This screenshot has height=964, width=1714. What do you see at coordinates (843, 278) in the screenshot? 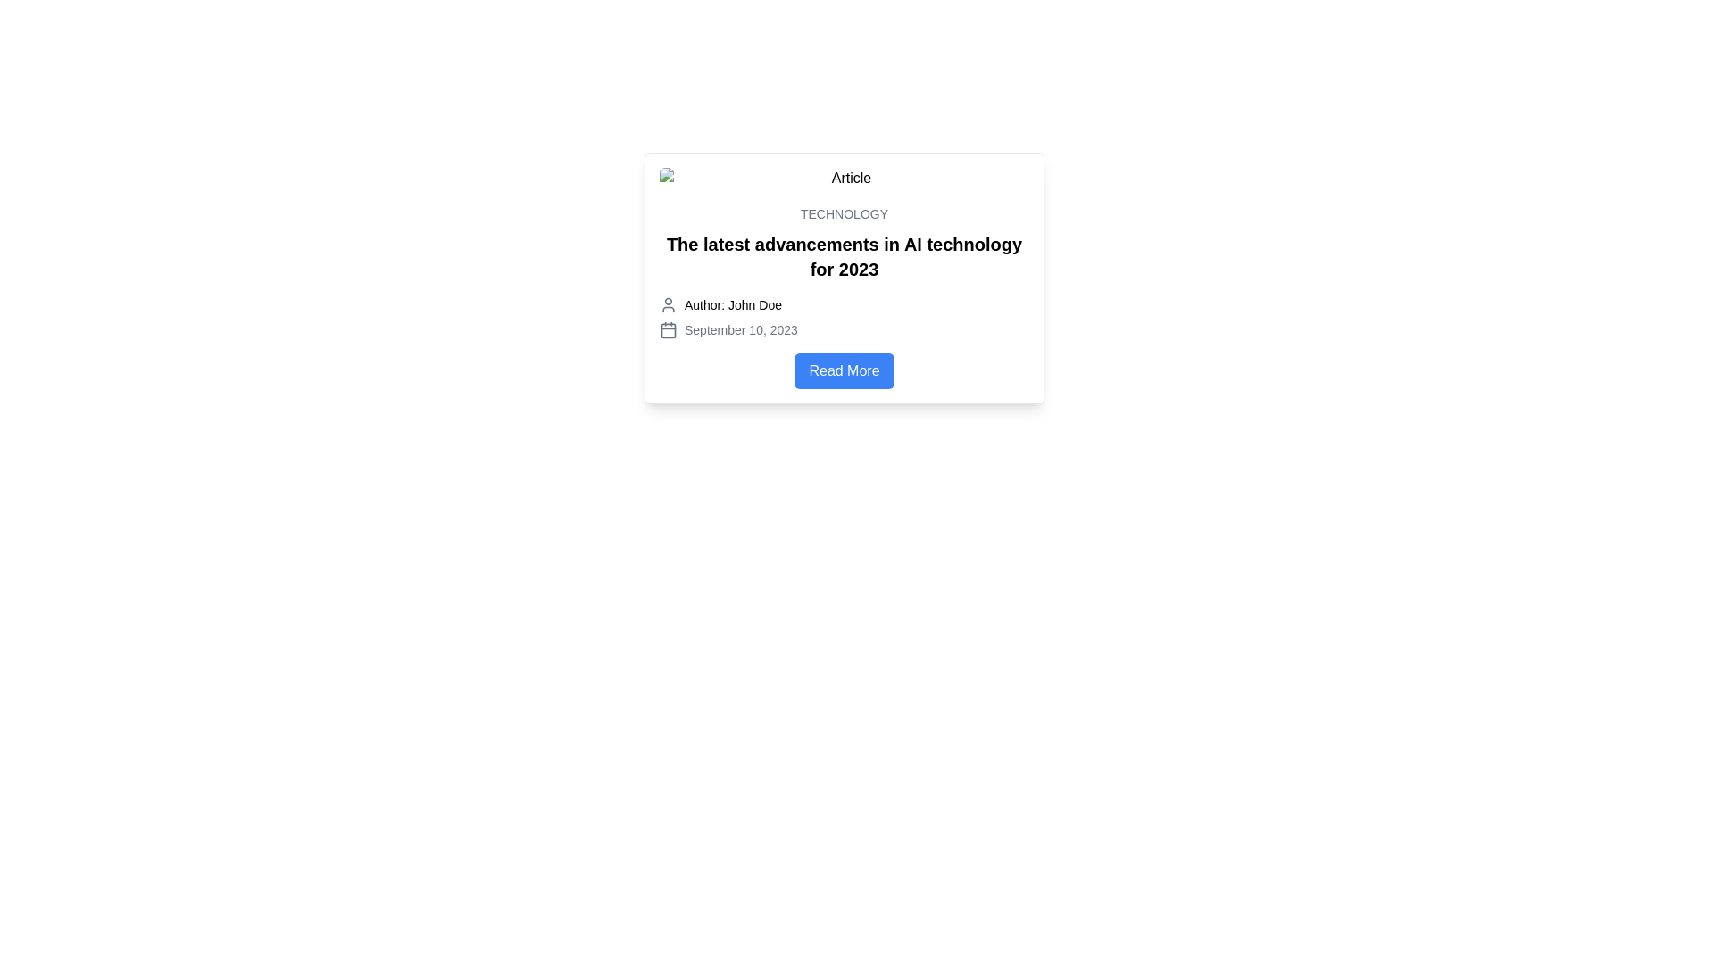
I see `the content card displaying the category 'Technology' and the headline 'The latest advancements in AI technology for 2023'` at bounding box center [843, 278].